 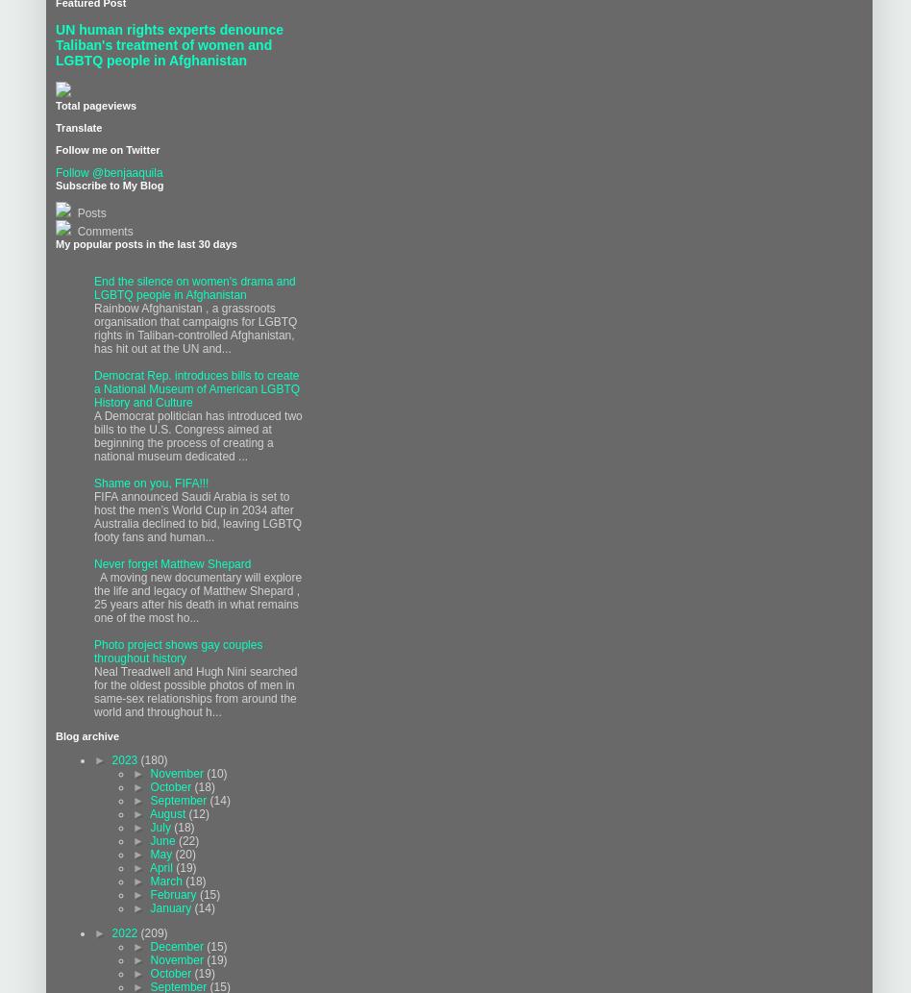 I want to click on 'Photo project shows gay couples throughout history', so click(x=177, y=650).